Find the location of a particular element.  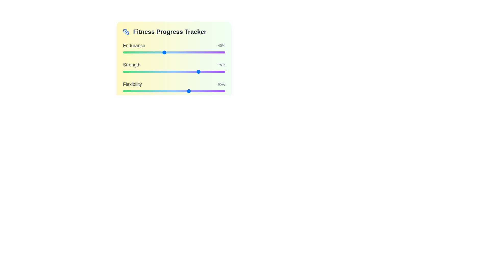

strength slider is located at coordinates (189, 72).